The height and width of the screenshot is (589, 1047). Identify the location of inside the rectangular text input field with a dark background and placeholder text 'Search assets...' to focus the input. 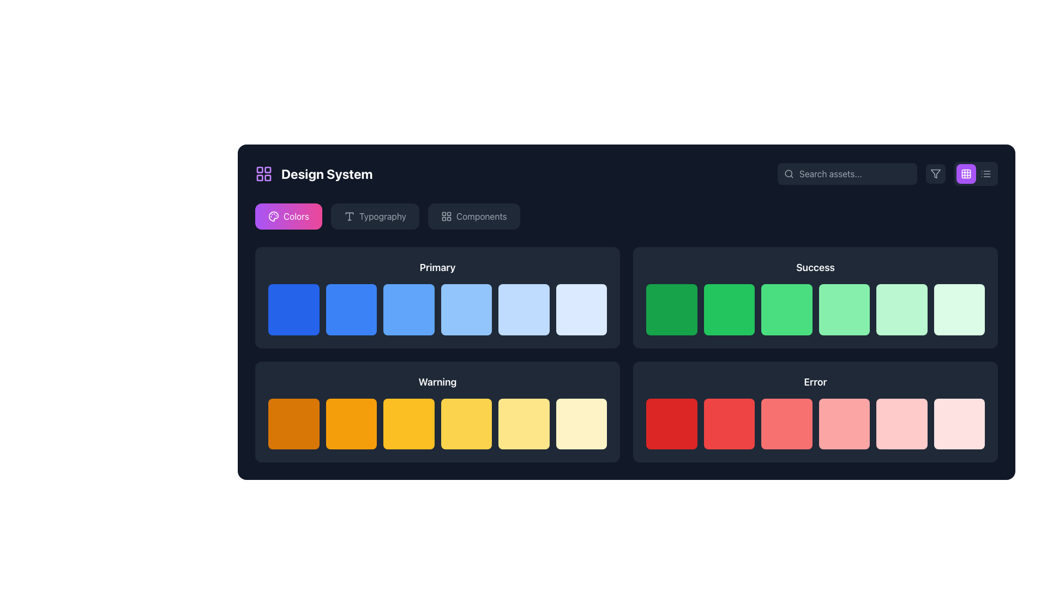
(847, 173).